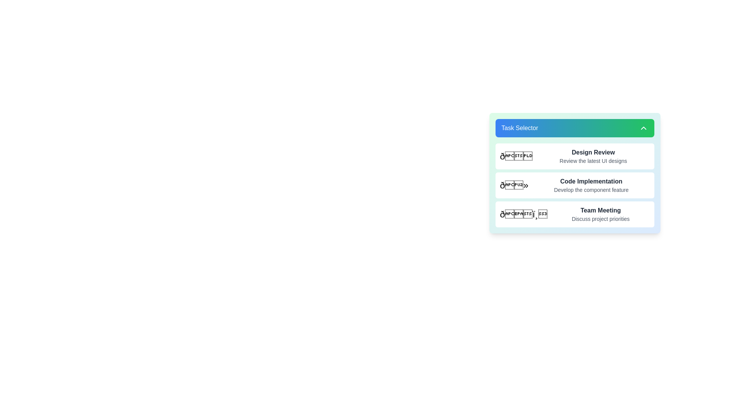 Image resolution: width=733 pixels, height=412 pixels. Describe the element at coordinates (575, 173) in the screenshot. I see `a selectable option within the gradient background panel that contains multiple options, which is visually distinct and easy to identify` at that location.